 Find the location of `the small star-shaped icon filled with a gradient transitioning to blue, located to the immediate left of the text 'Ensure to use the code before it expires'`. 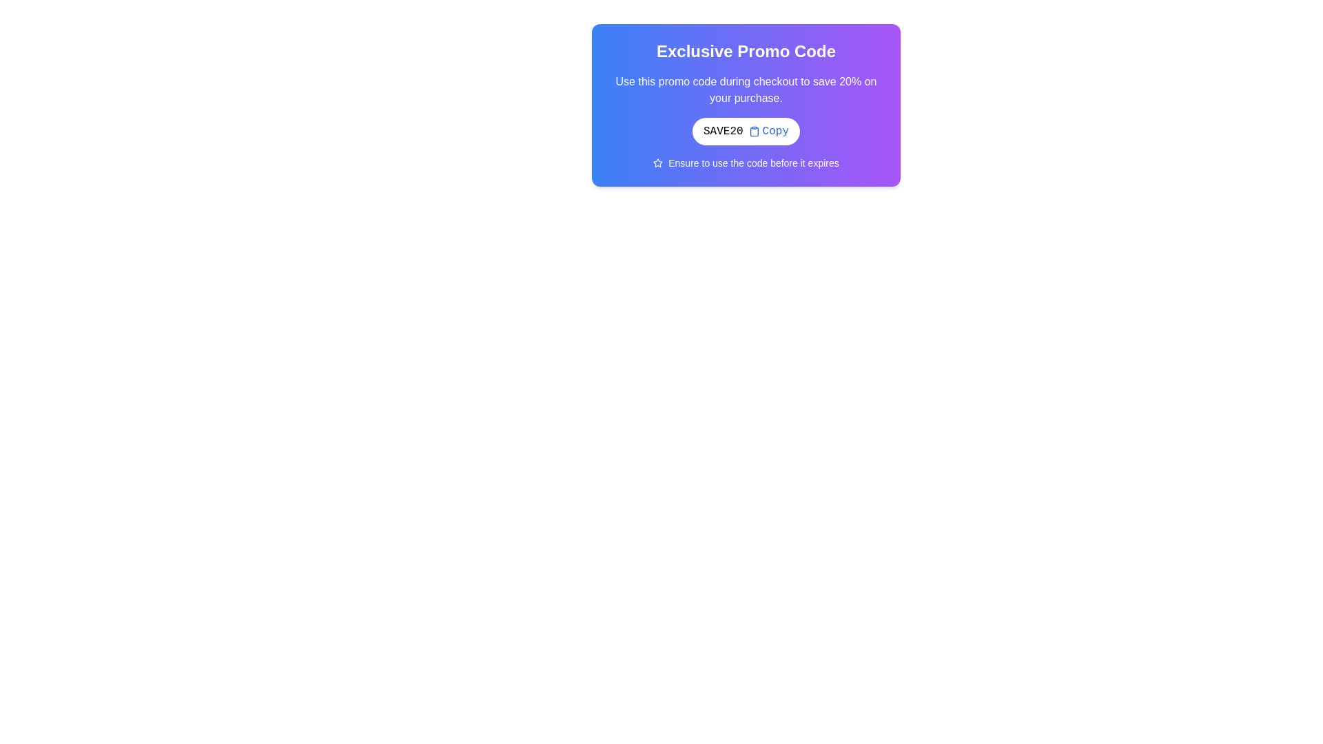

the small star-shaped icon filled with a gradient transitioning to blue, located to the immediate left of the text 'Ensure to use the code before it expires' is located at coordinates (657, 162).